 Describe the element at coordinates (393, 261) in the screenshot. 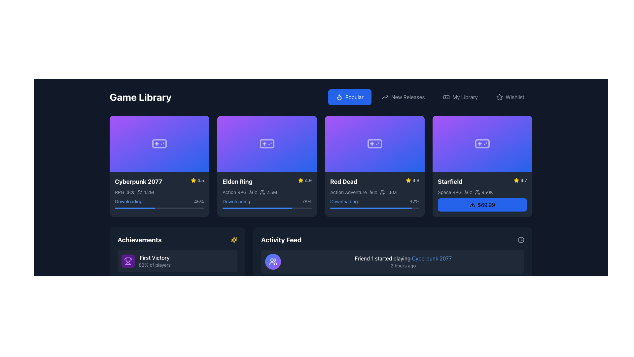

I see `the game name in the Notification element that shows a friend's recent gaming activity to learn more` at that location.